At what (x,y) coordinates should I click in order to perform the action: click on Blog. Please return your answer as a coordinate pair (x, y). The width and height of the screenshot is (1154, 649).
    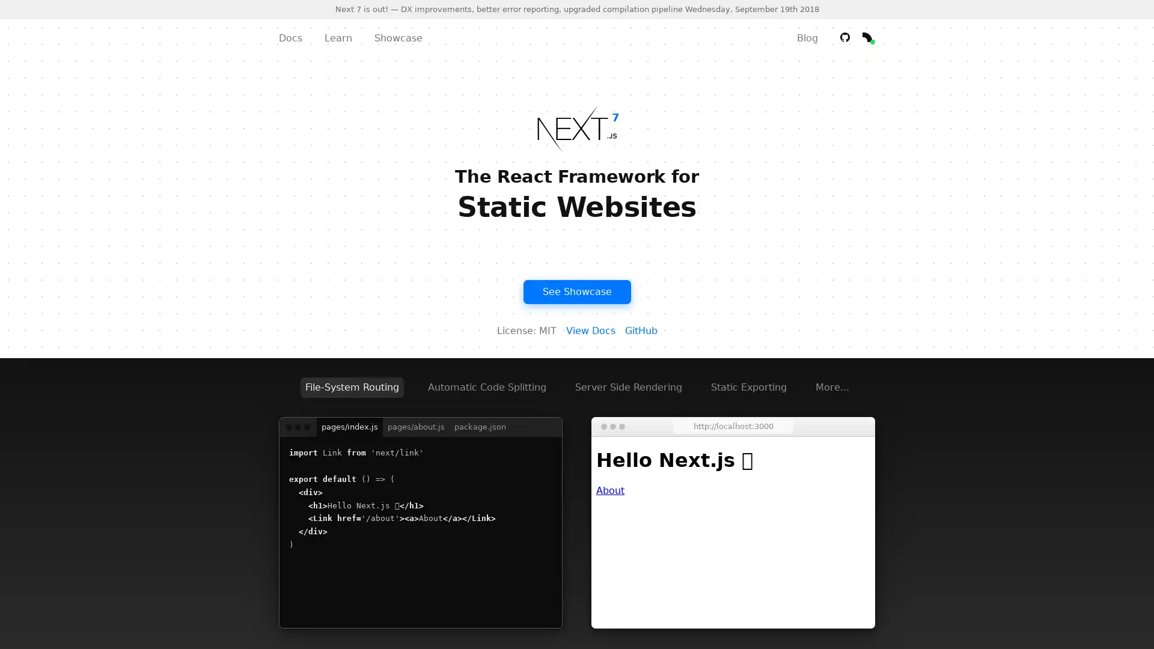
    Looking at the image, I should click on (807, 37).